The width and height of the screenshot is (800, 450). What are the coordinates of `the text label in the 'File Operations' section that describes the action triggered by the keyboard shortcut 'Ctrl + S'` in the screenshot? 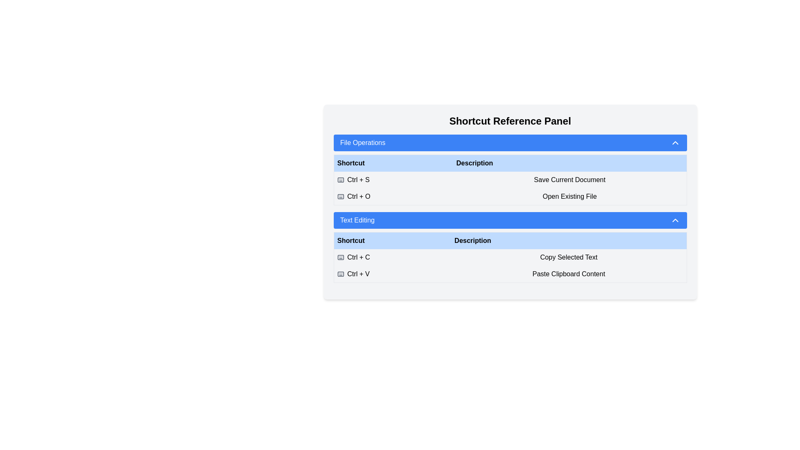 It's located at (569, 180).